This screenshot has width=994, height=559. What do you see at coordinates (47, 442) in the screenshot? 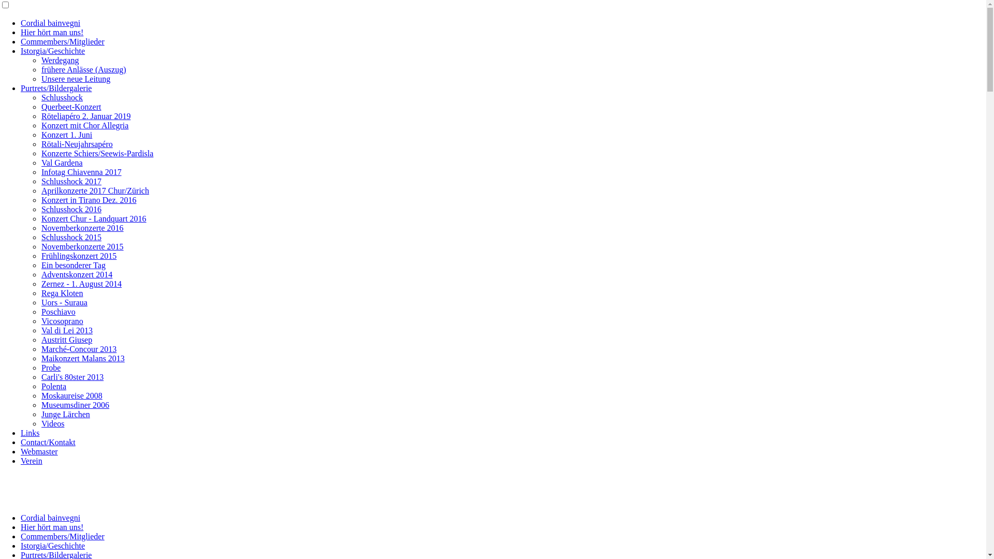
I see `'Contact/Kontakt'` at bounding box center [47, 442].